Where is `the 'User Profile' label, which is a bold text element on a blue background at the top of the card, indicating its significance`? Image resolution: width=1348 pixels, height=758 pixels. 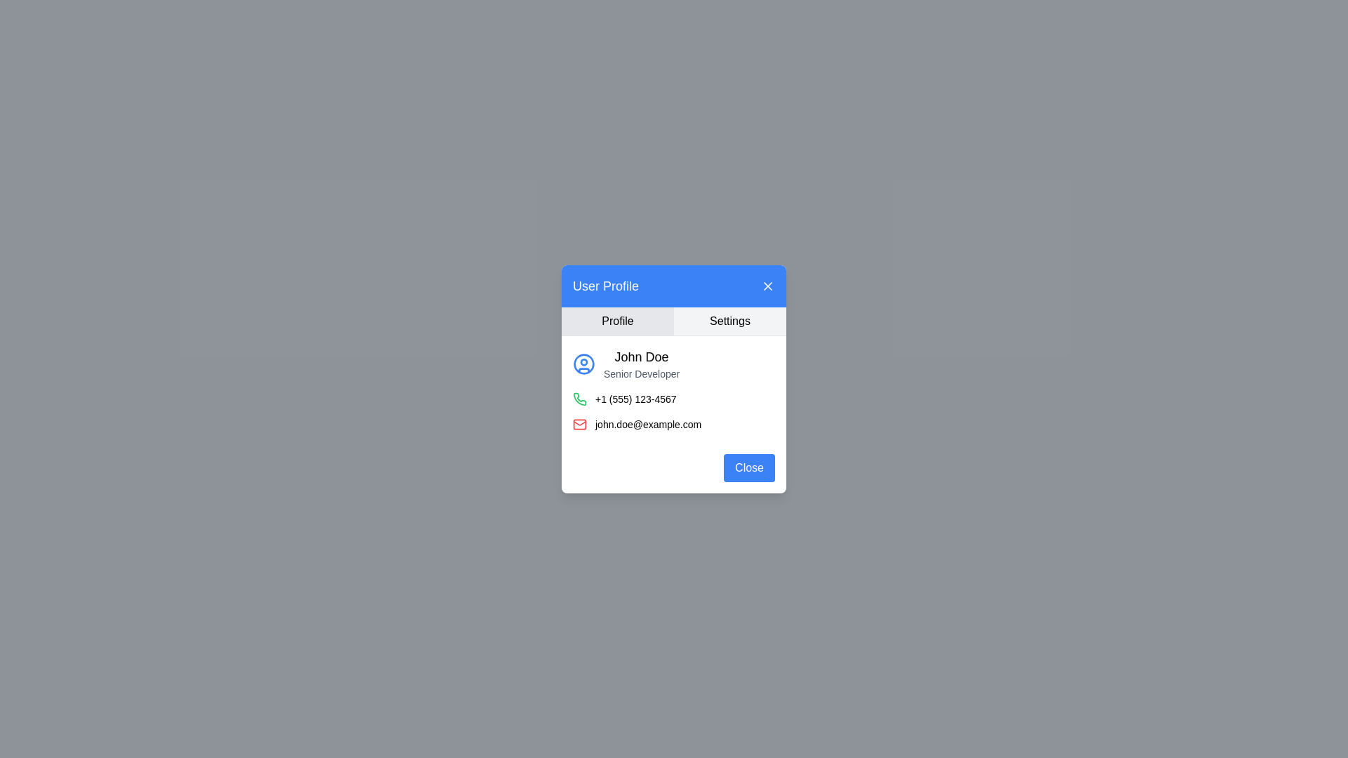 the 'User Profile' label, which is a bold text element on a blue background at the top of the card, indicating its significance is located at coordinates (606, 285).